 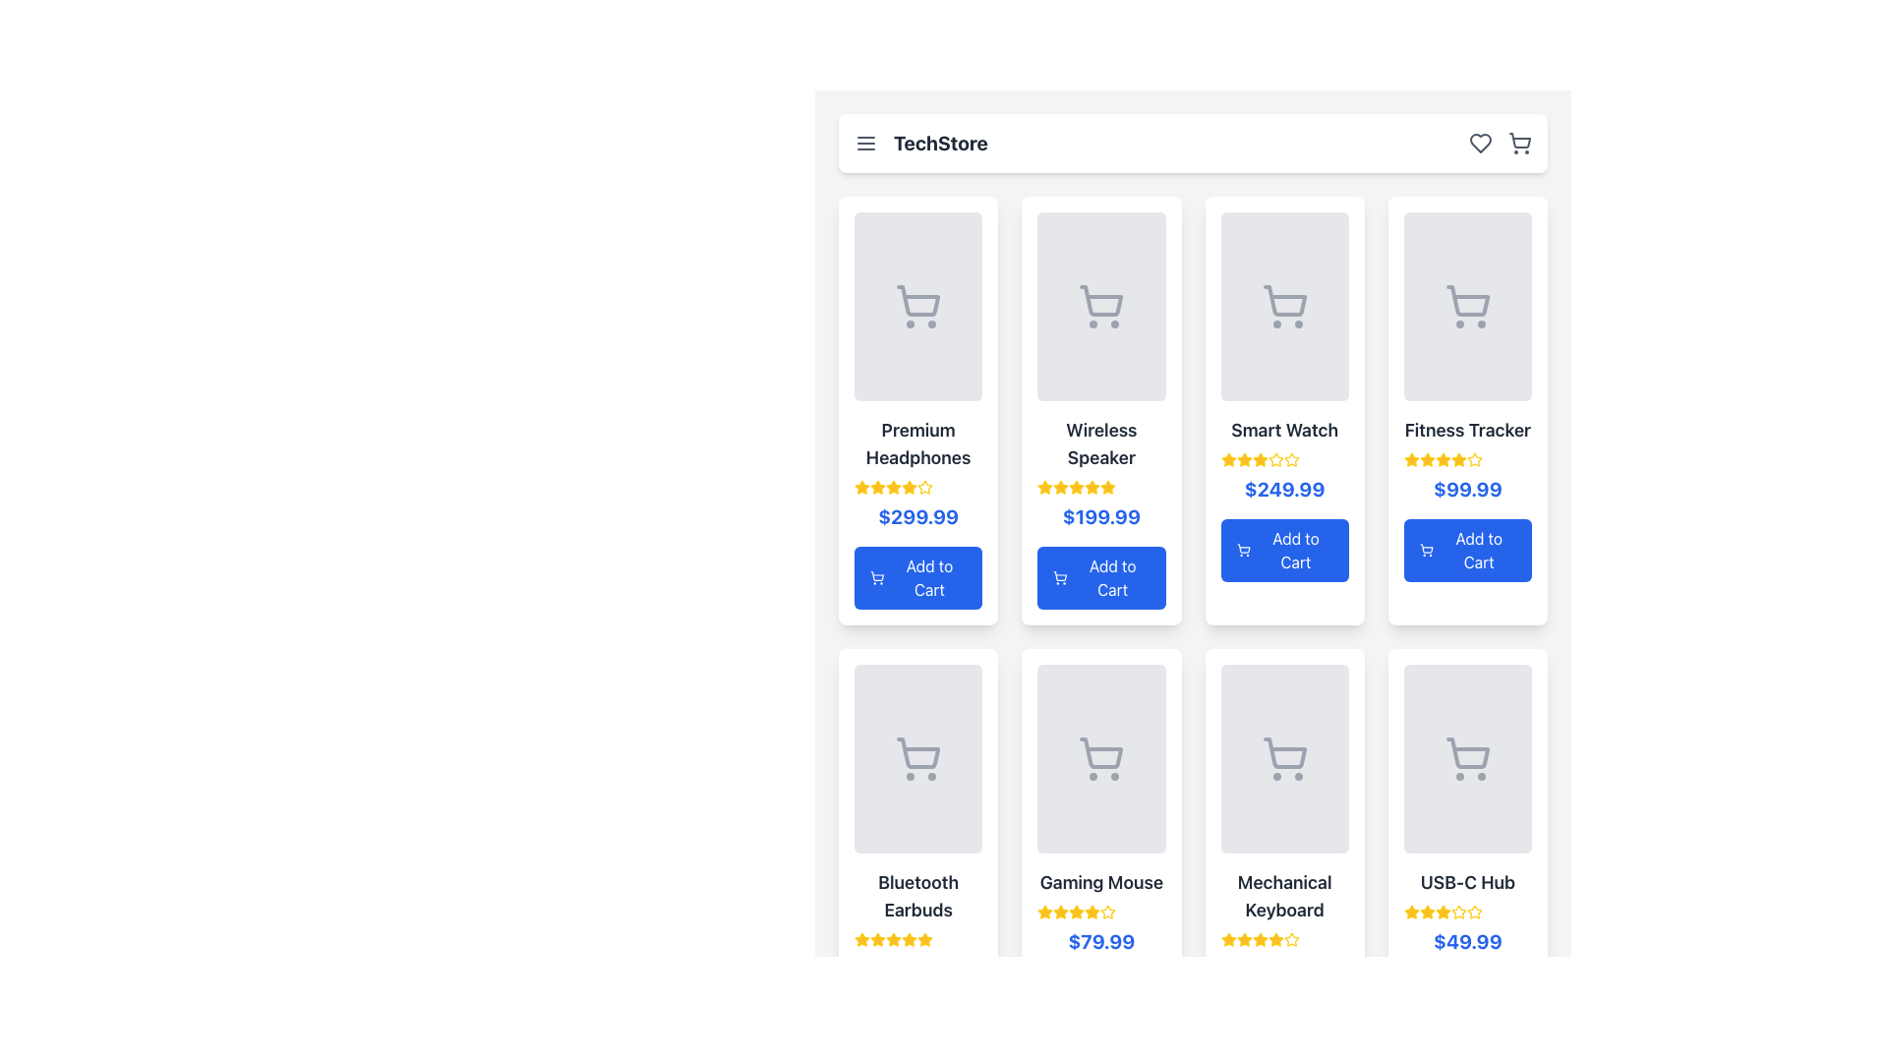 What do you see at coordinates (939, 143) in the screenshot?
I see `the 'TechStore' text label in the navigation bar, which is styled with a large, bold font and is dark gray in color` at bounding box center [939, 143].